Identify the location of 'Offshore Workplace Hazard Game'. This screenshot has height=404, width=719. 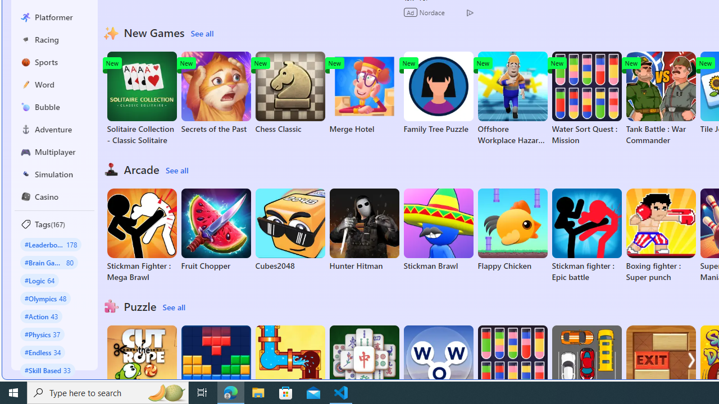
(512, 98).